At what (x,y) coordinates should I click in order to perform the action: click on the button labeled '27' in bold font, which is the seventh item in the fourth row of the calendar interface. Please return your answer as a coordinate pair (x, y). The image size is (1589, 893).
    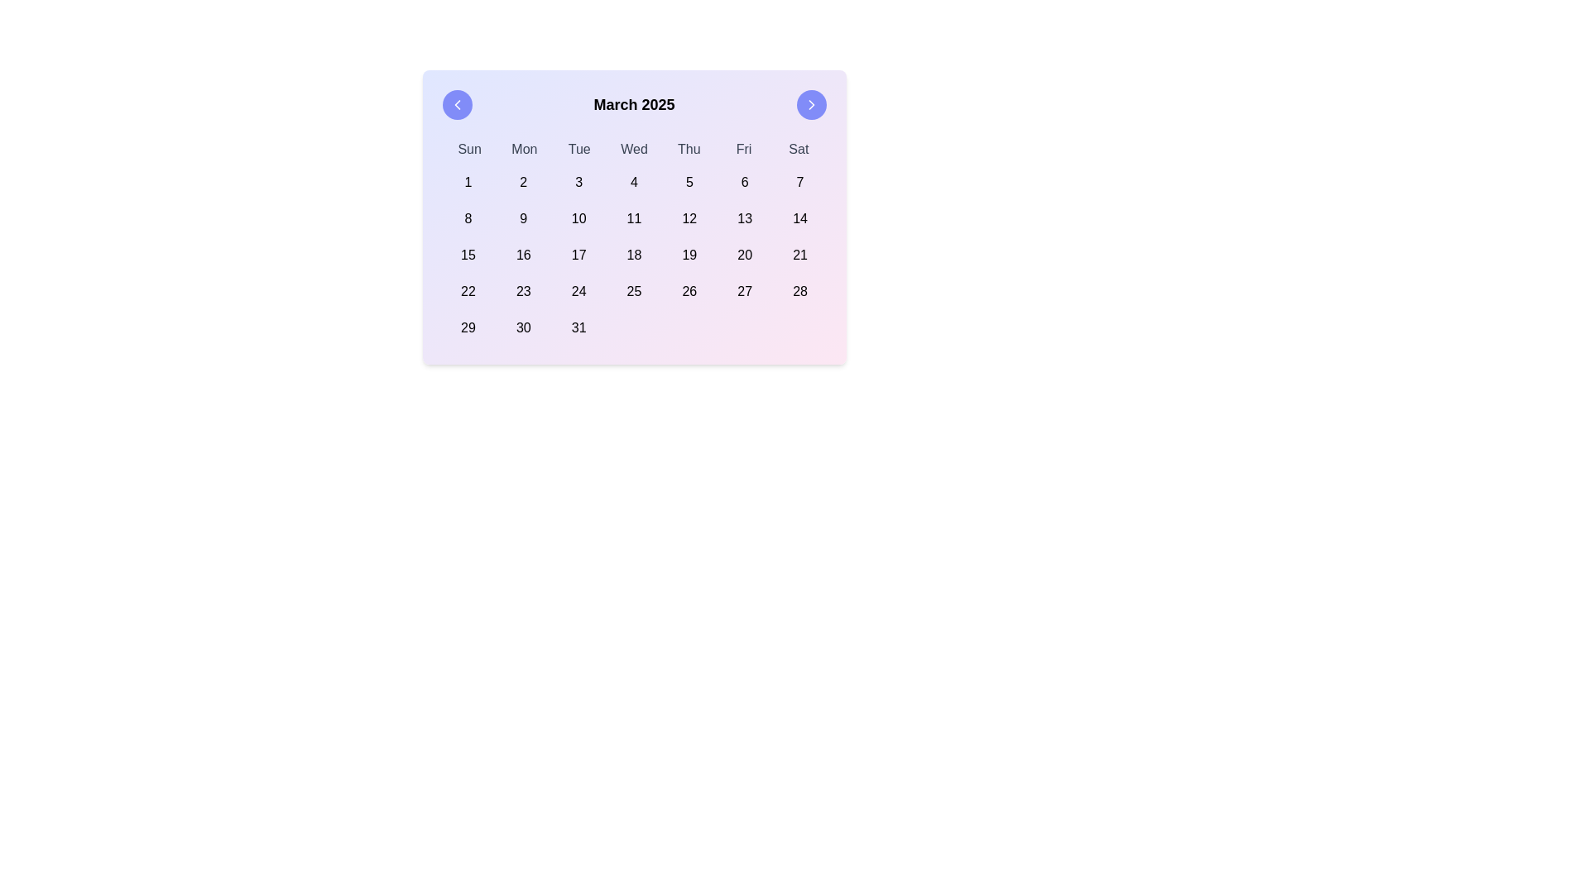
    Looking at the image, I should click on (744, 291).